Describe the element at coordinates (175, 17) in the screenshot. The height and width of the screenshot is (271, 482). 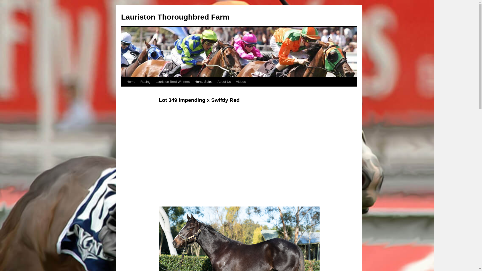
I see `'Lauriston Thoroughbred Farm'` at that location.